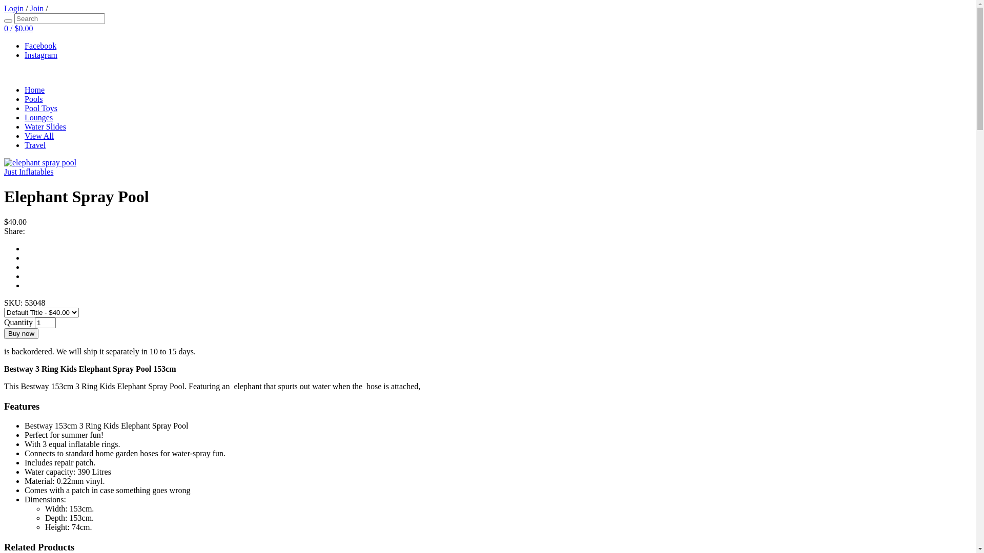 The image size is (984, 553). I want to click on 'Join', so click(37, 8).